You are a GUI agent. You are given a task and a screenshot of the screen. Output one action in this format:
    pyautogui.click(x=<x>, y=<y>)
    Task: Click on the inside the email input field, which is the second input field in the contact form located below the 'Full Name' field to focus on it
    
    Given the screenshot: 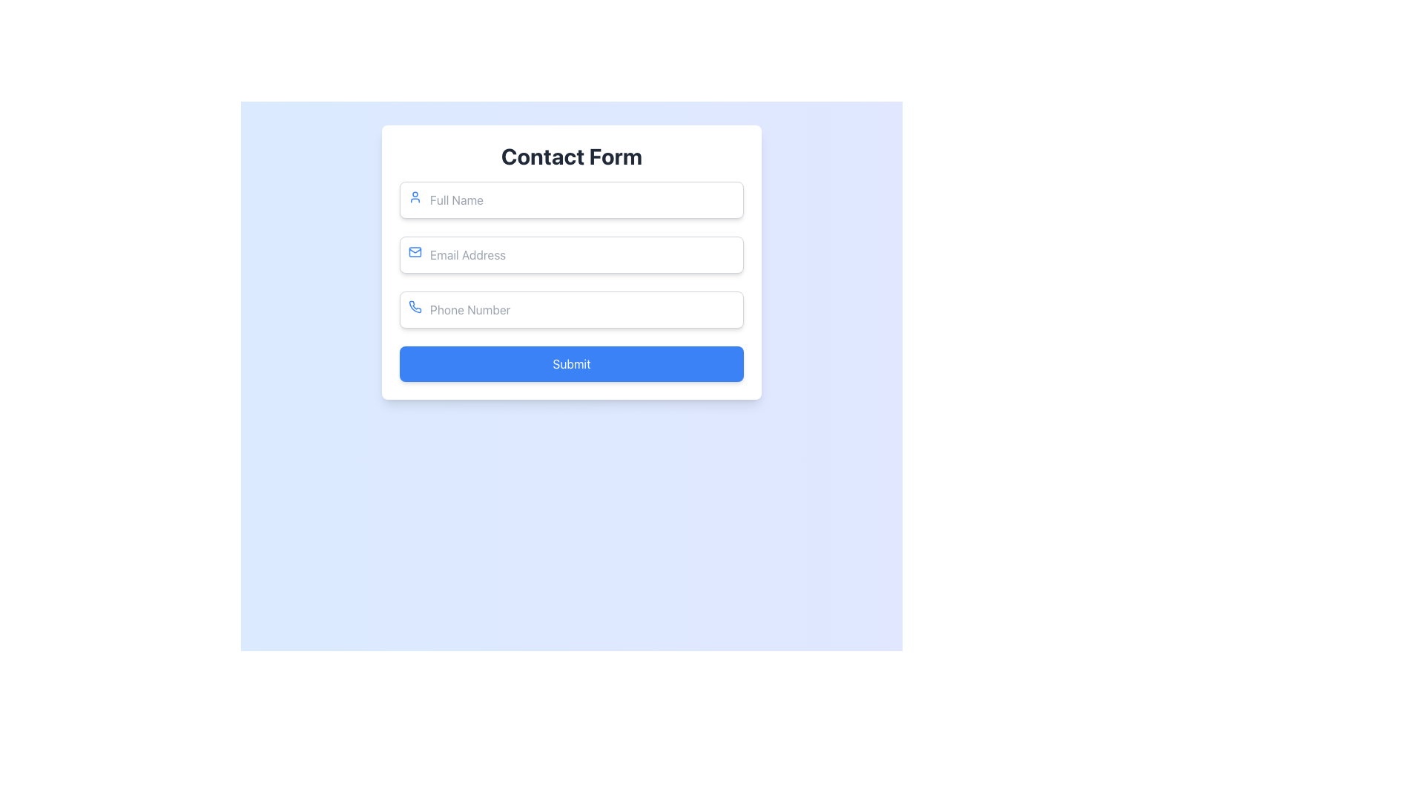 What is the action you would take?
    pyautogui.click(x=571, y=254)
    